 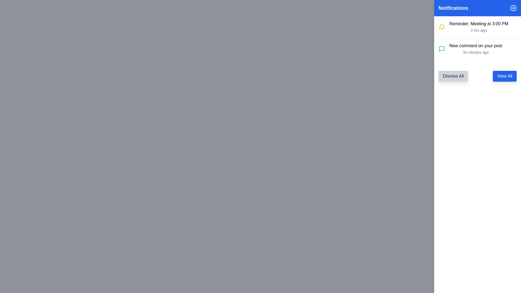 What do you see at coordinates (475, 52) in the screenshot?
I see `the label displaying '30 minutes ago', which is a small, gray-colored text located in the bottom right corner of the notification pane, aligned with the notification text 'New comment on your post'` at bounding box center [475, 52].